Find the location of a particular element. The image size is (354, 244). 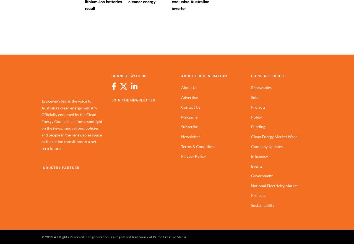

'$27,830' is located at coordinates (170, 70).